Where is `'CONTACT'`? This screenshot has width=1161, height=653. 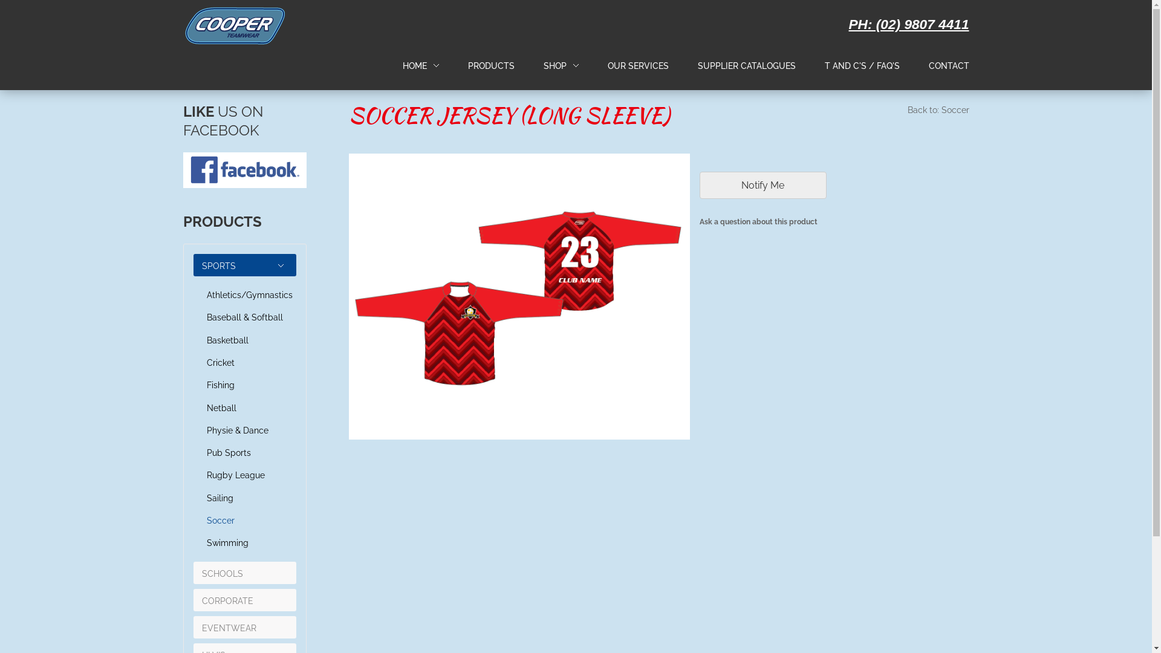 'CONTACT' is located at coordinates (948, 67).